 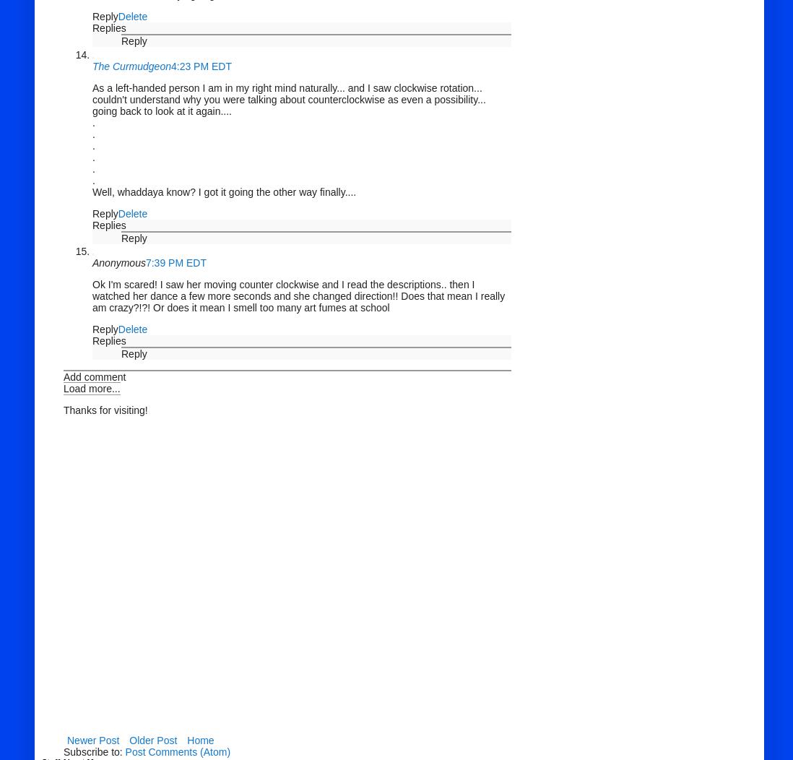 I want to click on 'Home', so click(x=200, y=739).